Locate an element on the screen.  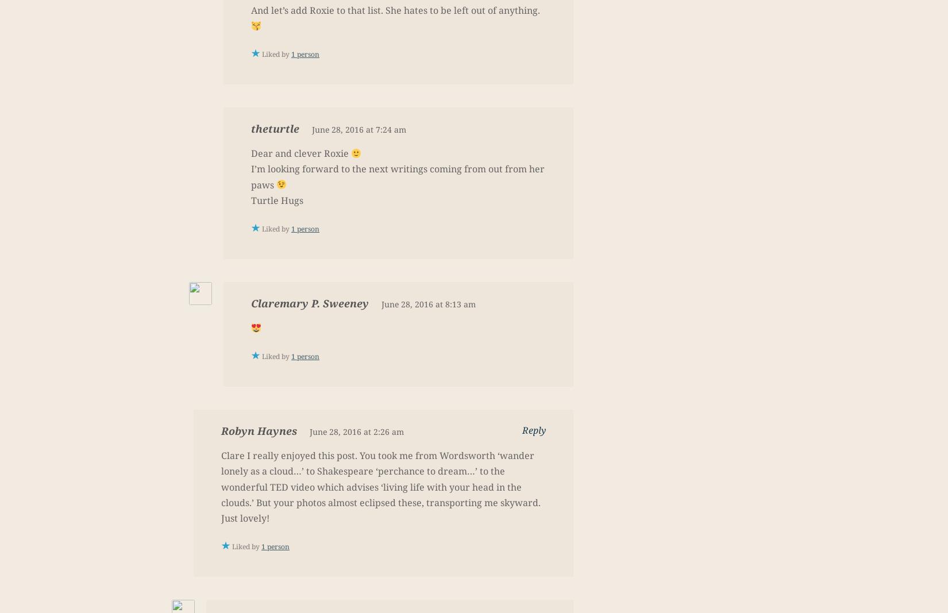
'Turtle Hugs' is located at coordinates (276, 199).